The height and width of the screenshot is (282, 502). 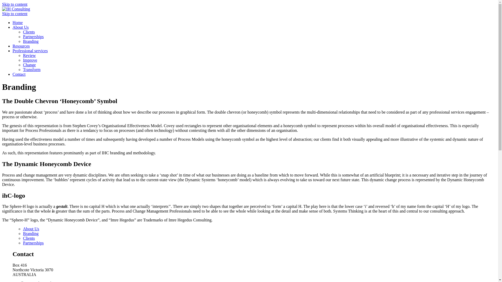 What do you see at coordinates (19, 74) in the screenshot?
I see `'Contact'` at bounding box center [19, 74].